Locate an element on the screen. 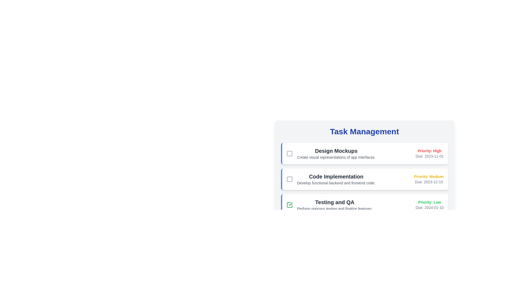  the checkmark icon that indicates a completed action in the 'Testing and QA' task row is located at coordinates (290, 204).